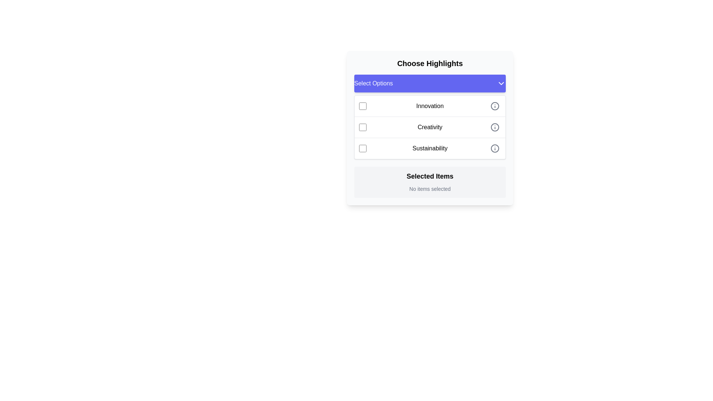 The height and width of the screenshot is (401, 713). I want to click on the text label that describes the associated selectable option, located centrally between the checkbox on the left and the information icon on the right, so click(430, 149).